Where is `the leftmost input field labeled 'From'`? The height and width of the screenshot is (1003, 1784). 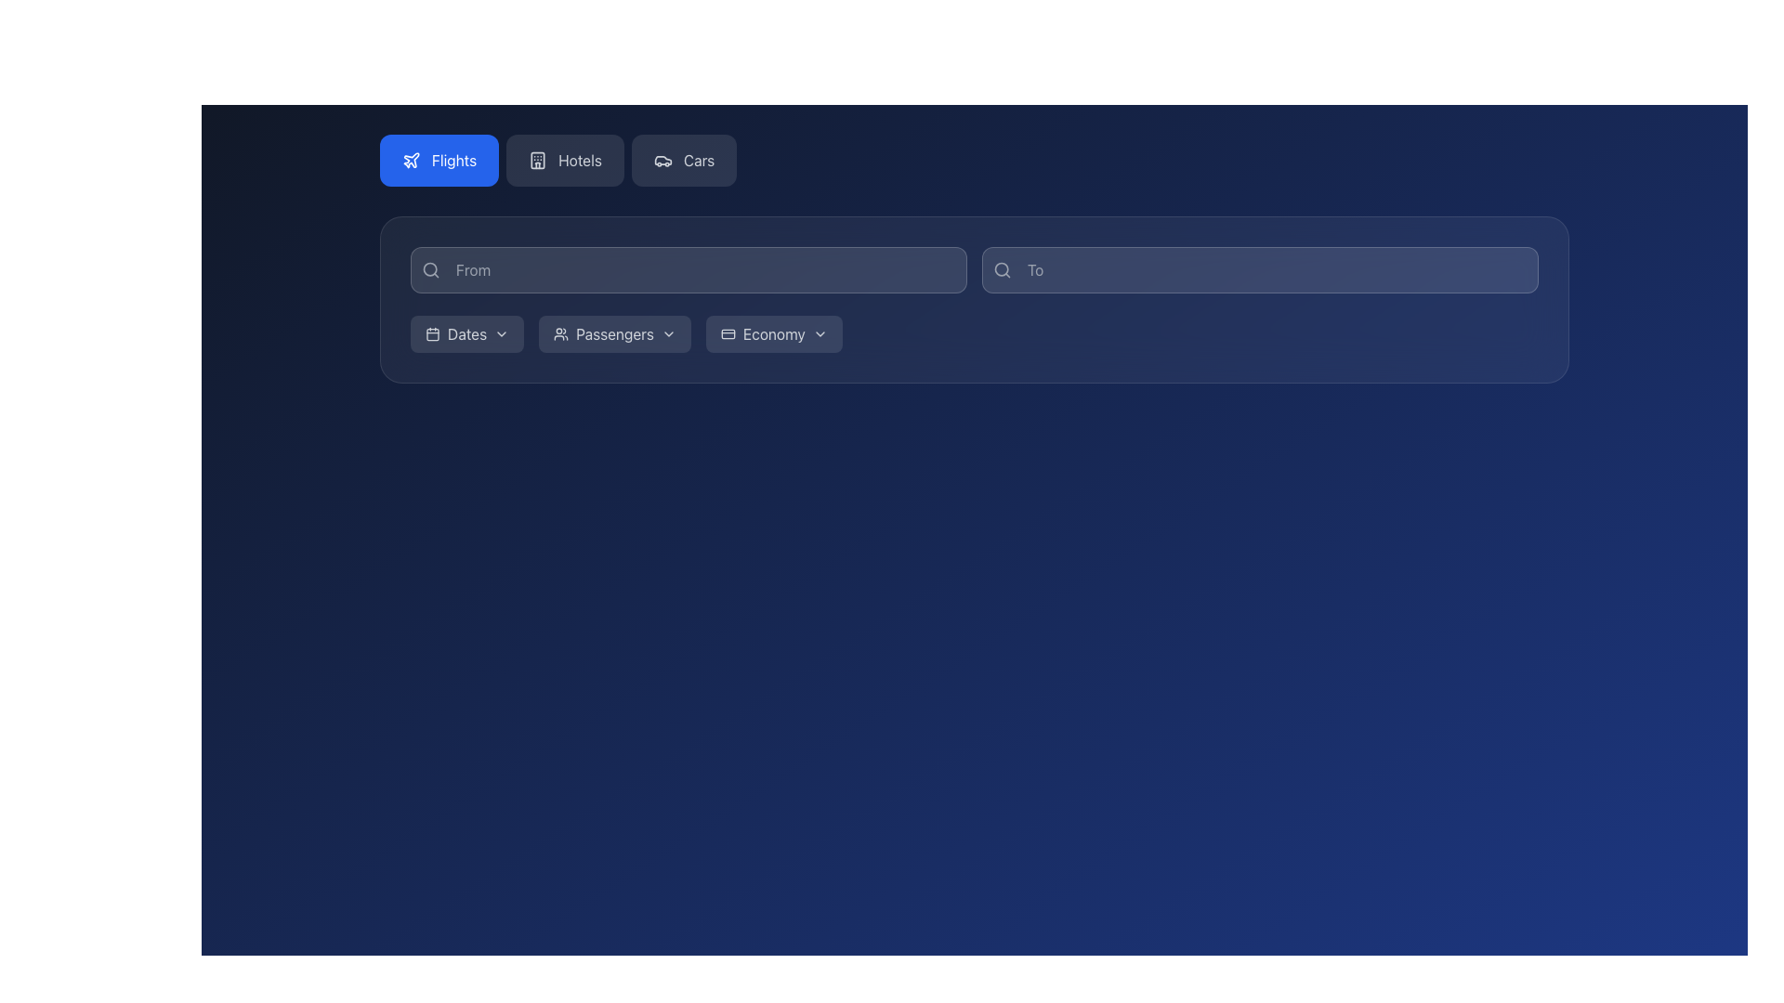 the leftmost input field labeled 'From' is located at coordinates (688, 269).